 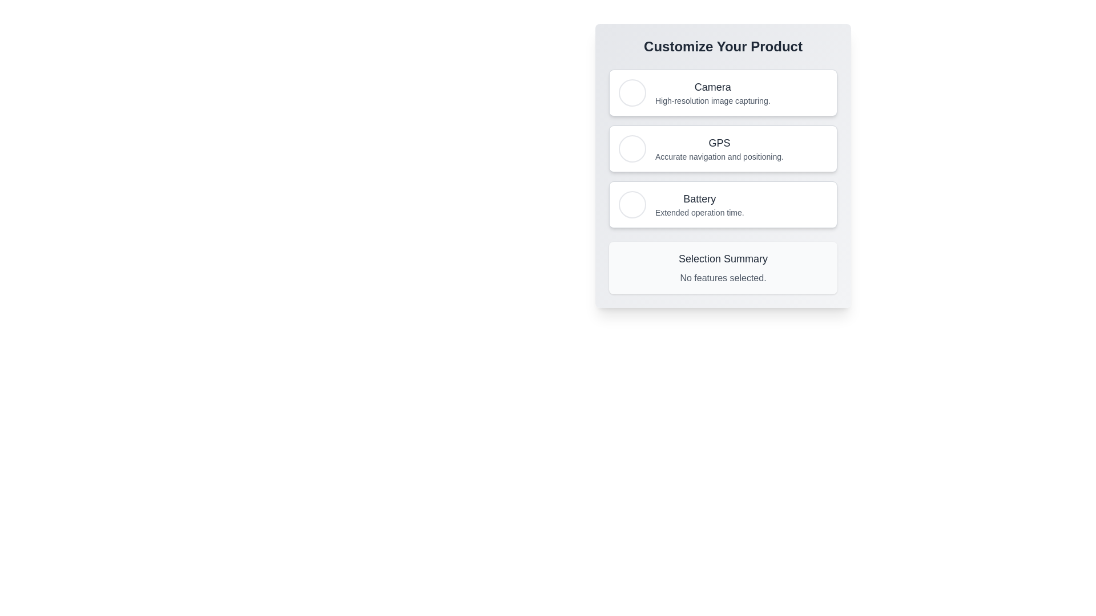 What do you see at coordinates (719, 156) in the screenshot?
I see `the text label that reads 'Accurate navigation and positioning.', which is styled in a smaller font size and gray color, located under the 'GPS' heading` at bounding box center [719, 156].